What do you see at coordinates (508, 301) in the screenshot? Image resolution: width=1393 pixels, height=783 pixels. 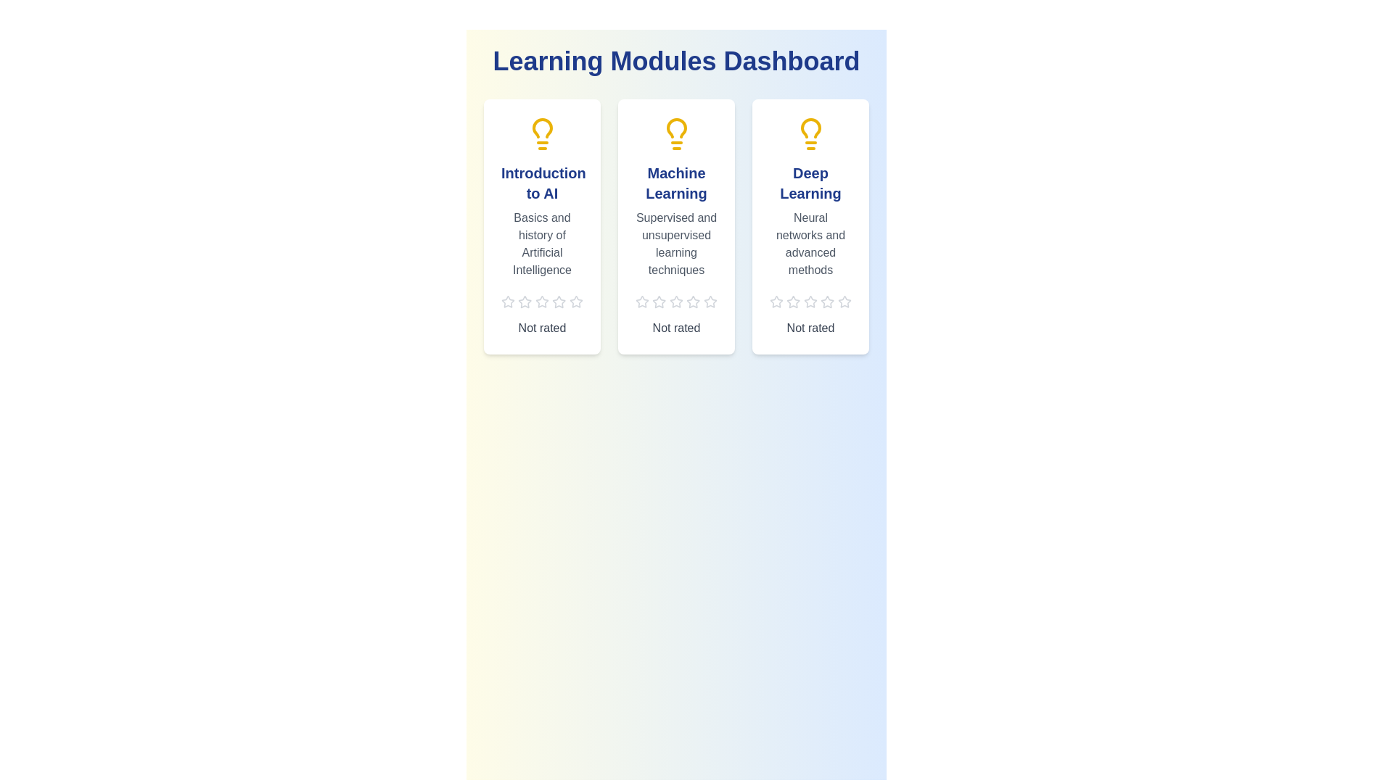 I see `the rating of a module to 1 stars by clicking on the corresponding star` at bounding box center [508, 301].